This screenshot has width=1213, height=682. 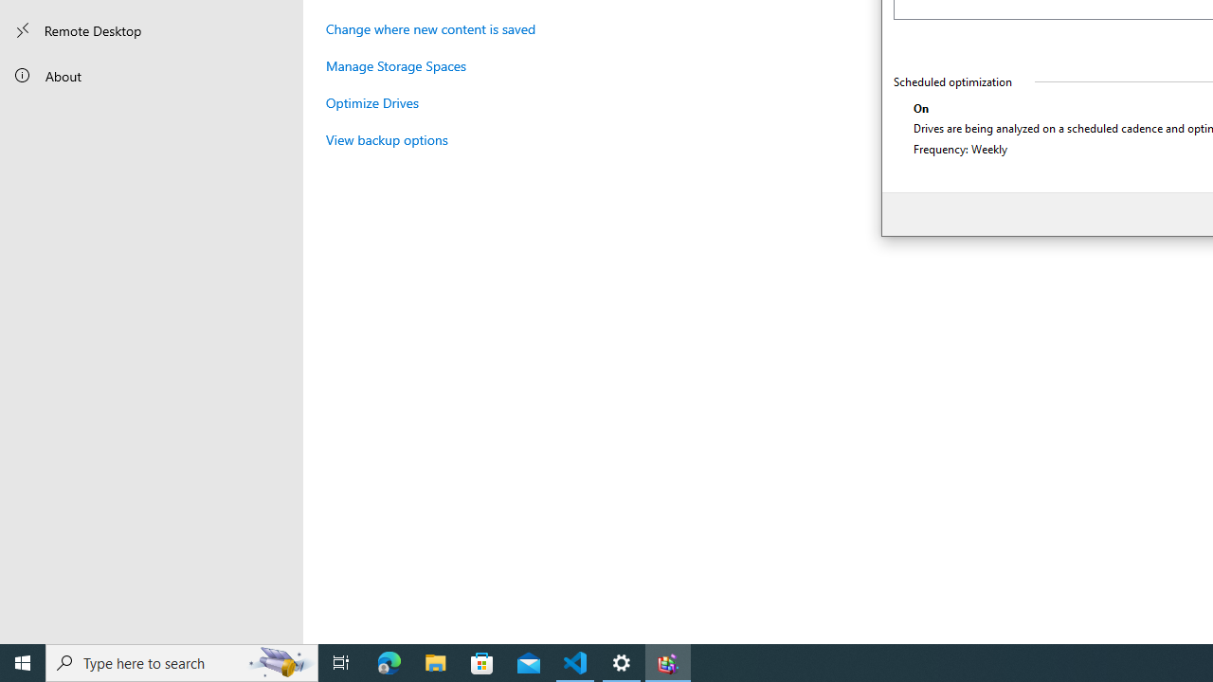 I want to click on 'Microsoft Store', so click(x=482, y=661).